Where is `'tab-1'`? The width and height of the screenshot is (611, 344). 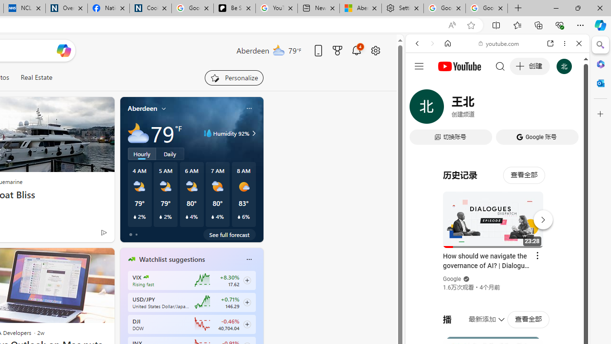 'tab-1' is located at coordinates (136, 235).